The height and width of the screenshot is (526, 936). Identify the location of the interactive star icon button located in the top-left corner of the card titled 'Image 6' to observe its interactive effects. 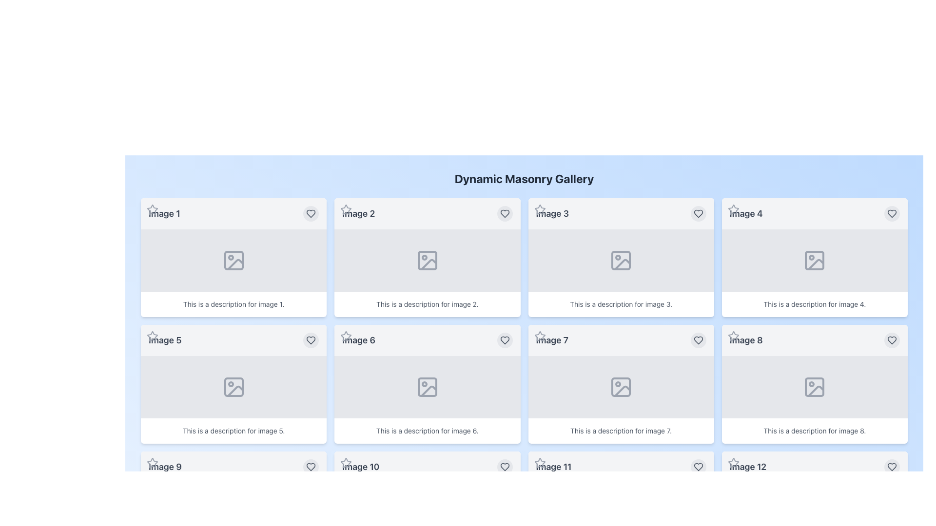
(346, 336).